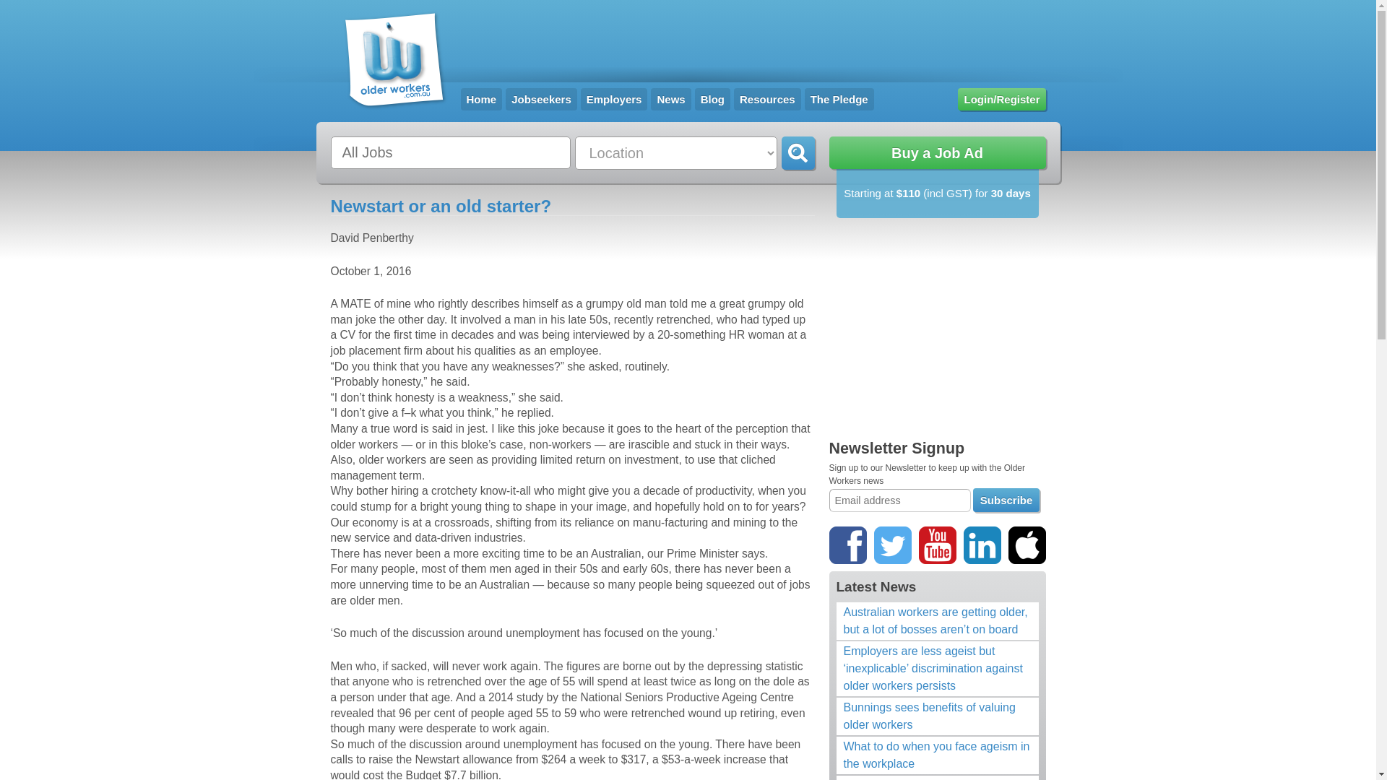 The height and width of the screenshot is (780, 1387). I want to click on 'Advertisement', so click(937, 331).